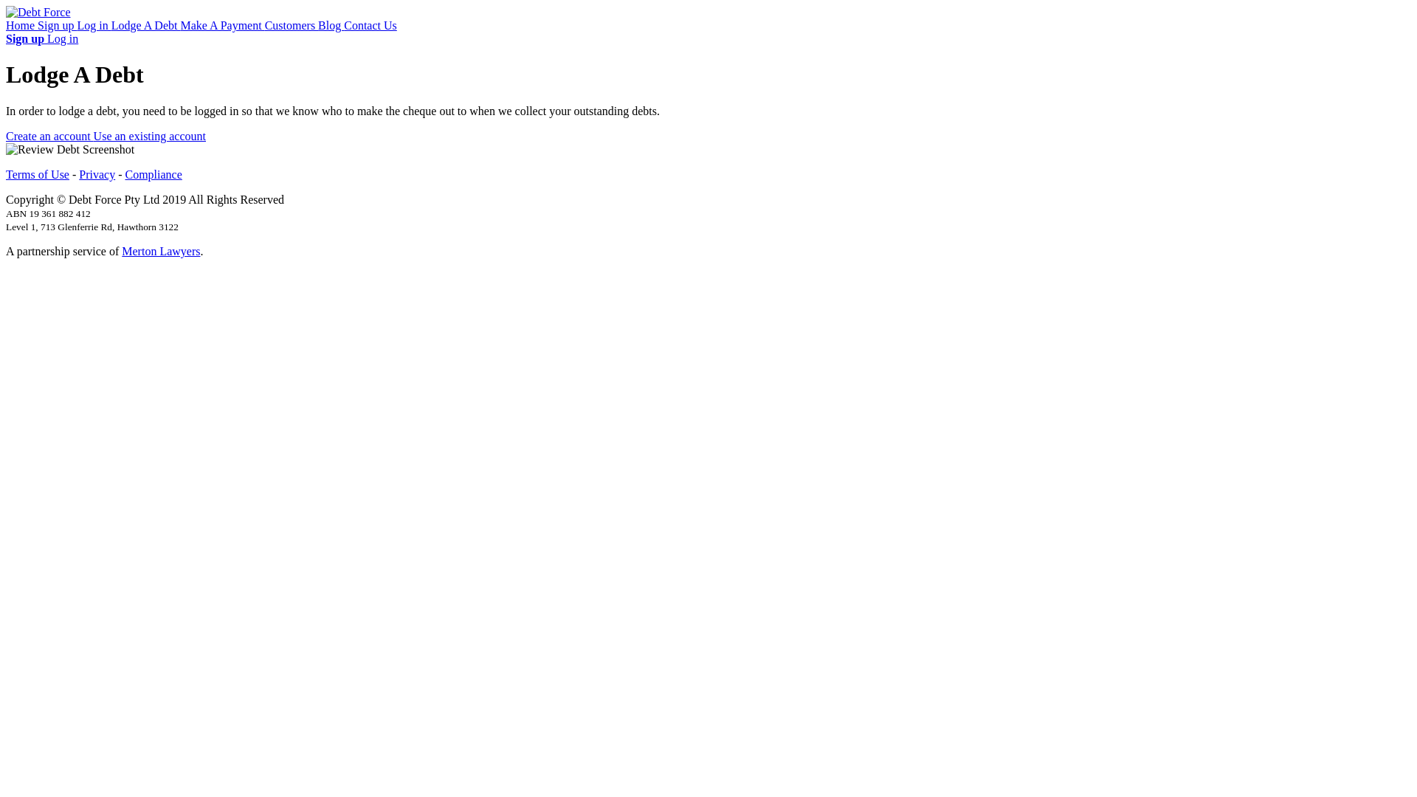  What do you see at coordinates (291, 25) in the screenshot?
I see `'Customers'` at bounding box center [291, 25].